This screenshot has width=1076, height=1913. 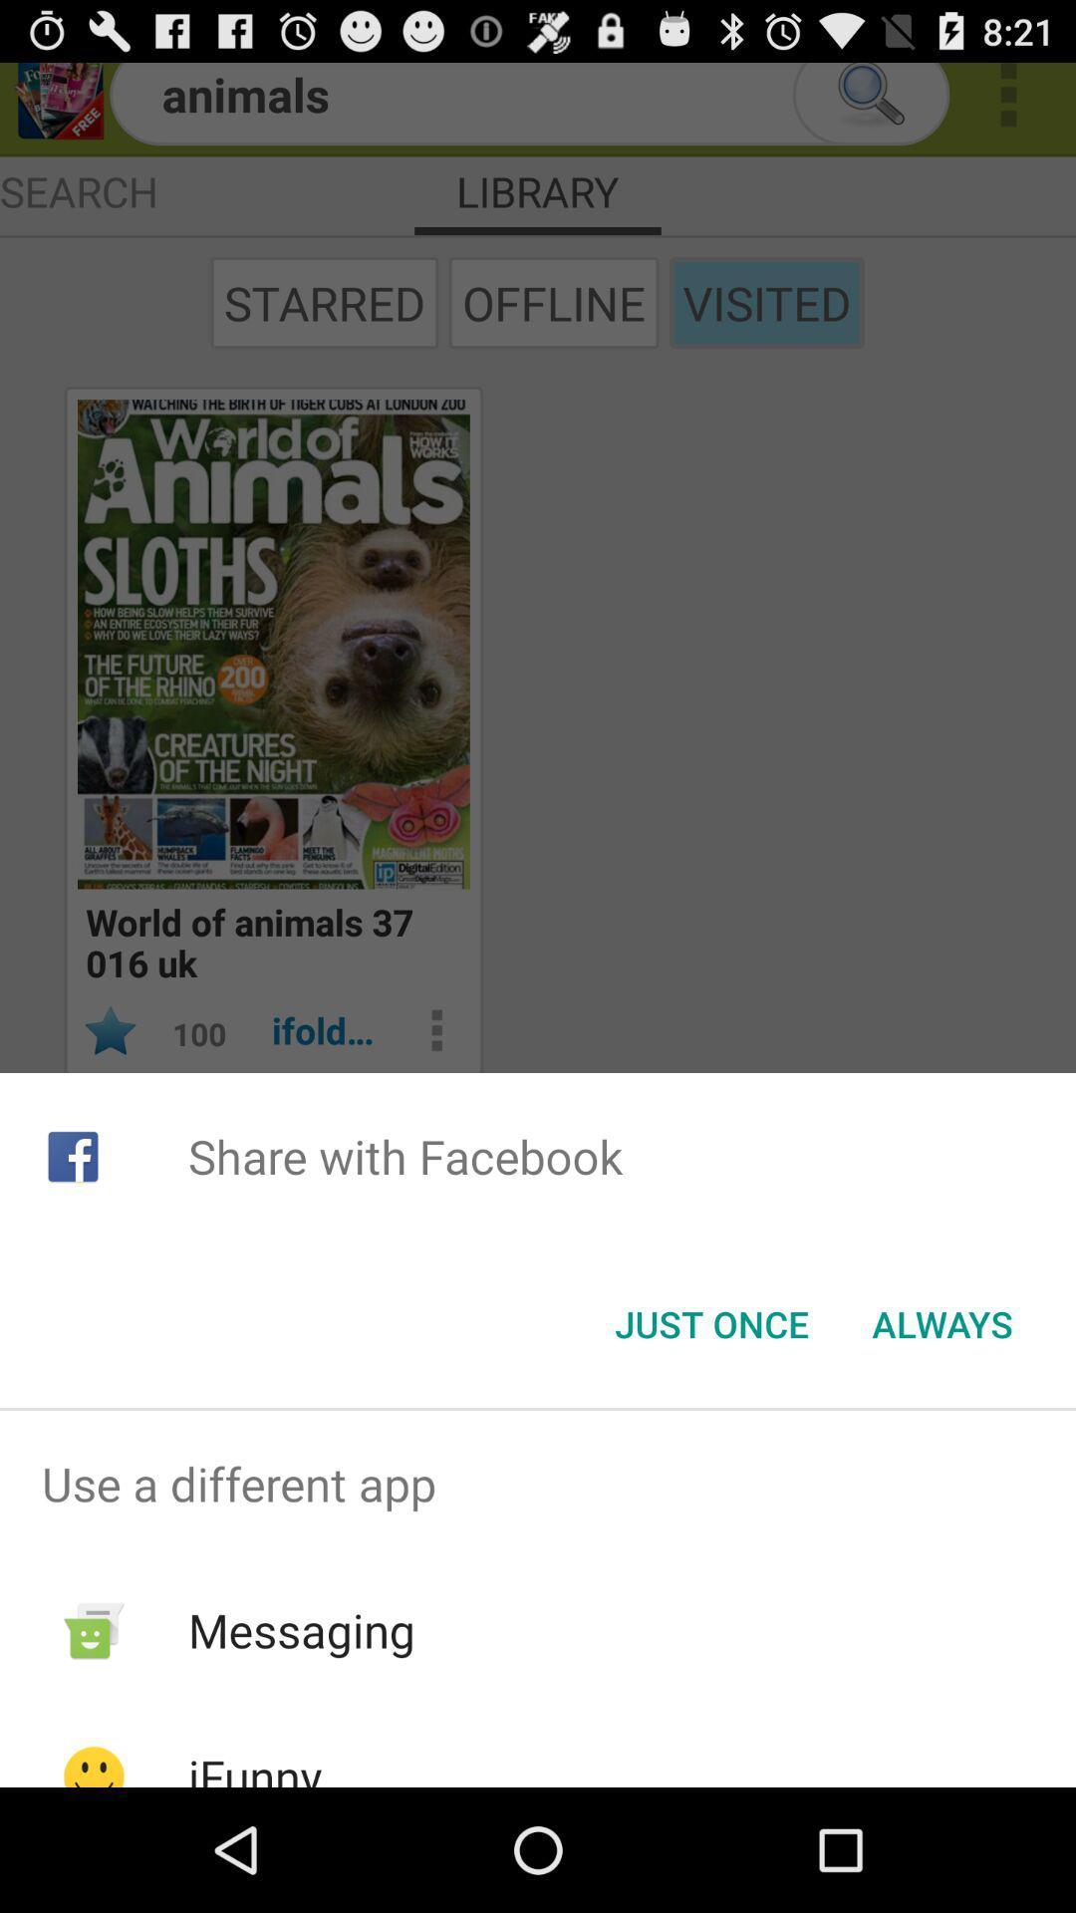 I want to click on the use a different app, so click(x=538, y=1484).